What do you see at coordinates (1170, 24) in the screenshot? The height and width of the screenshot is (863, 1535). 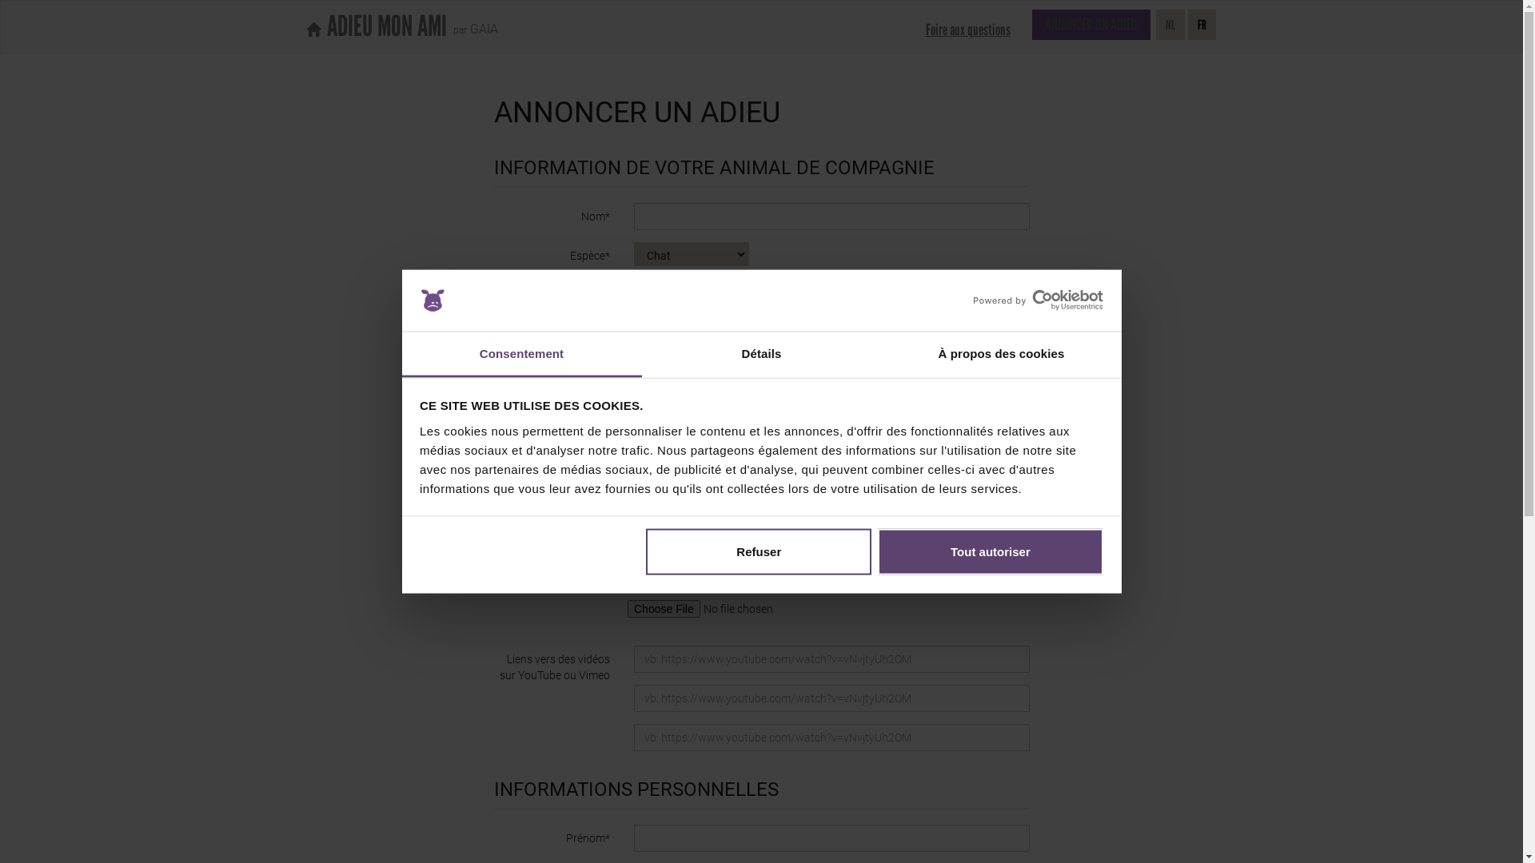 I see `'NL'` at bounding box center [1170, 24].